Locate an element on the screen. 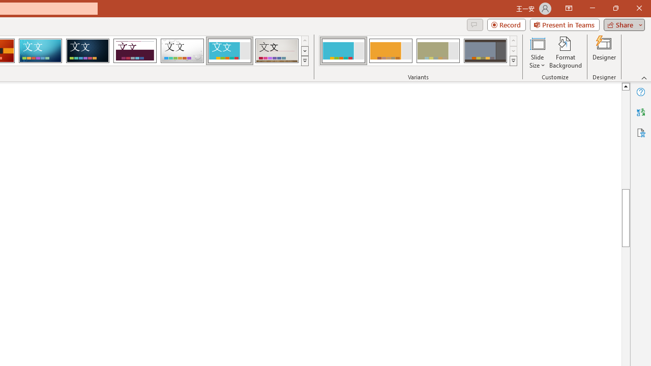 Image resolution: width=651 pixels, height=366 pixels. 'Droplet' is located at coordinates (182, 51).